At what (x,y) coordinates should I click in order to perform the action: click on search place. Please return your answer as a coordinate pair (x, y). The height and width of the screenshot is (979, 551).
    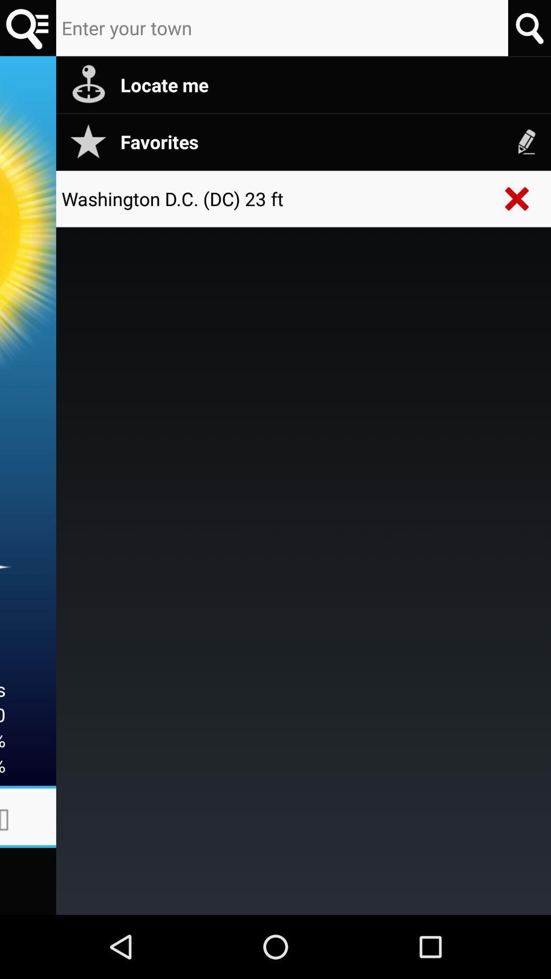
    Looking at the image, I should click on (529, 28).